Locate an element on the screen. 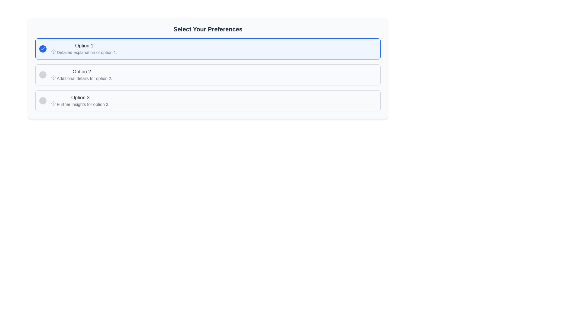 Image resolution: width=580 pixels, height=326 pixels. the icon of the third choice in the 'Select Your Preferences' list is located at coordinates (80, 101).